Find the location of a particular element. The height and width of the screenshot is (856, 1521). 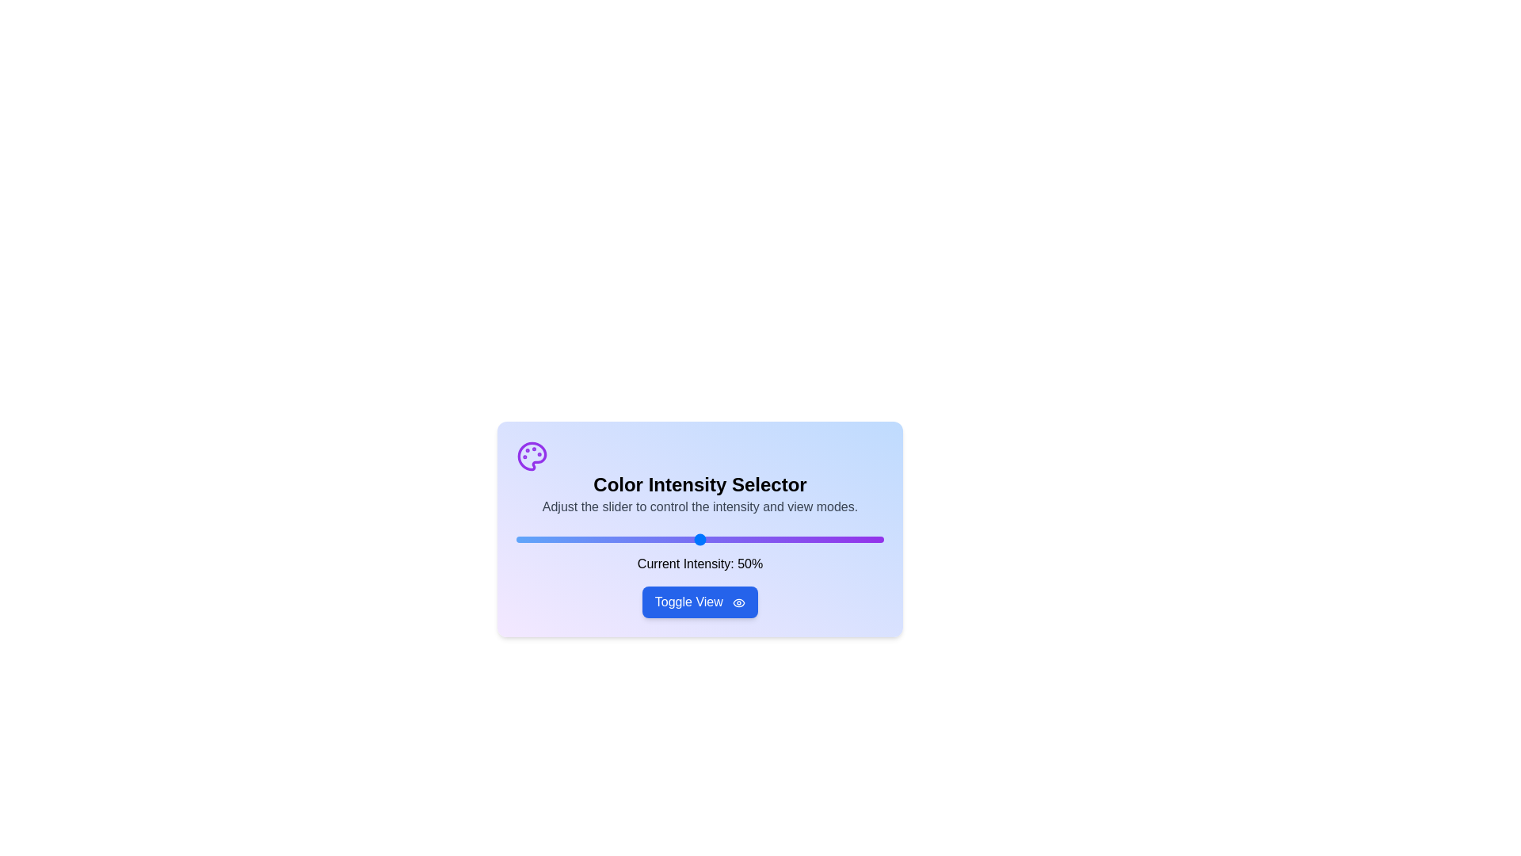

the slider to set the intensity to 89% is located at coordinates (843, 539).